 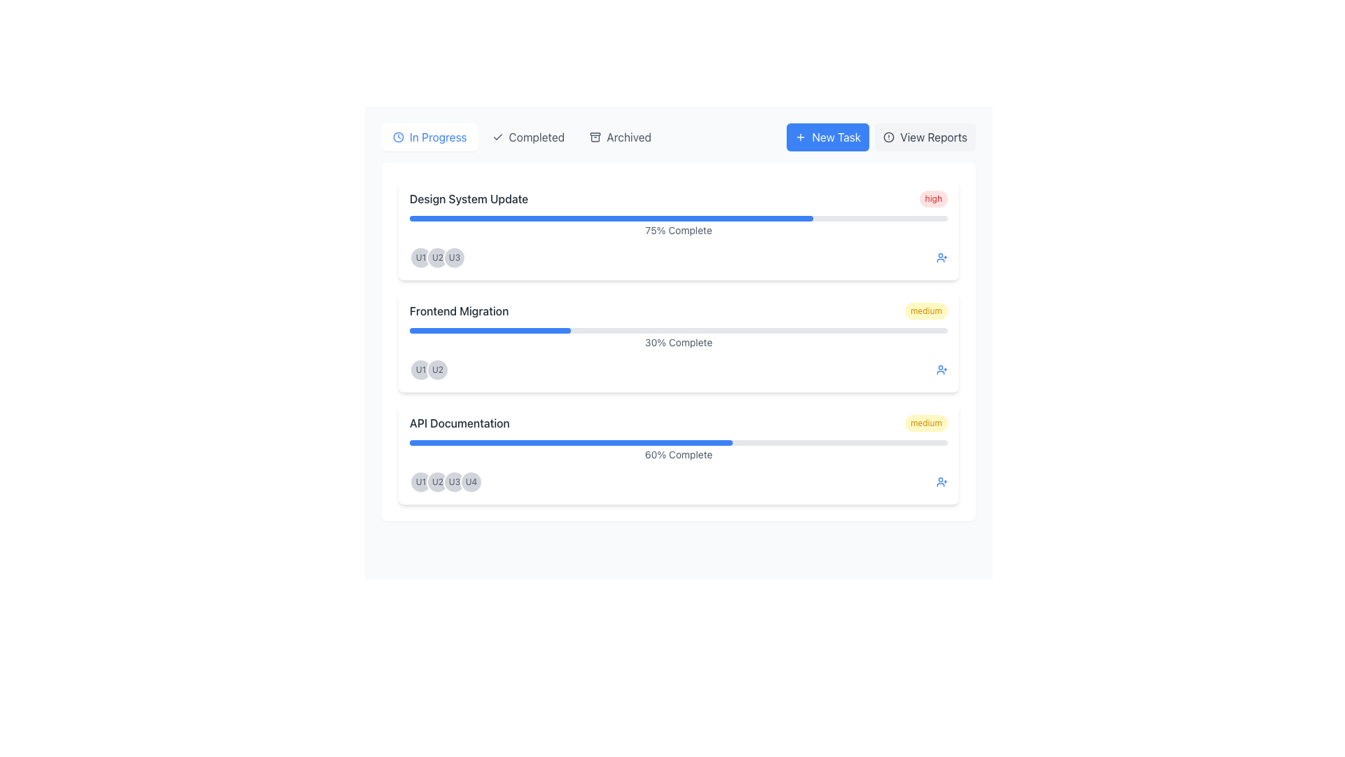 What do you see at coordinates (437, 137) in the screenshot?
I see `the 'In Progress' text label within the button that has a clock icon on its left to filter tasks` at bounding box center [437, 137].